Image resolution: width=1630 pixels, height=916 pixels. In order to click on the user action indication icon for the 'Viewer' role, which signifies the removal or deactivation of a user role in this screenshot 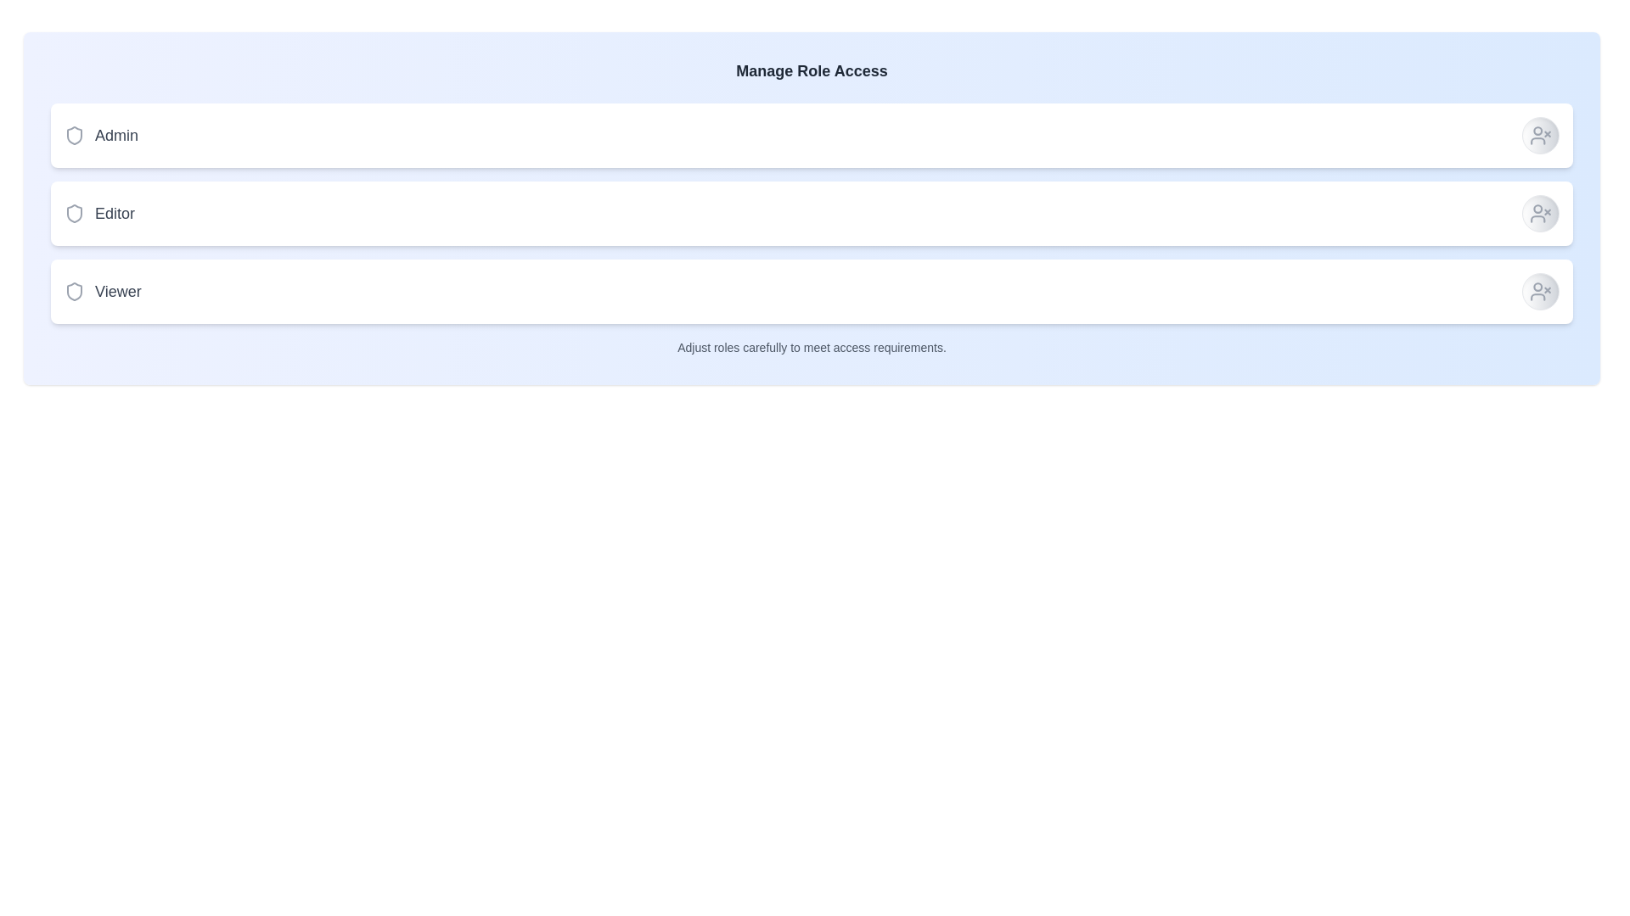, I will do `click(1537, 286)`.